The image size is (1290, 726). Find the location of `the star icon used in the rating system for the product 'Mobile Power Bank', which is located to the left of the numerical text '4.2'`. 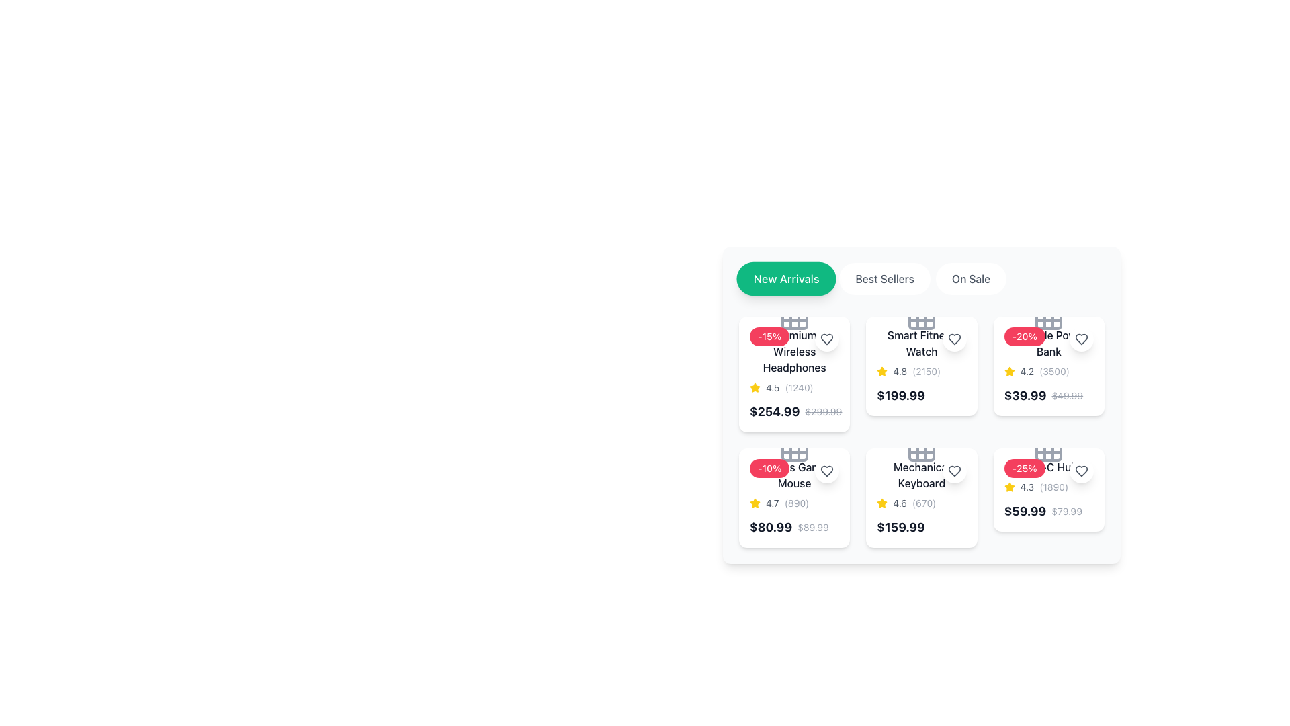

the star icon used in the rating system for the product 'Mobile Power Bank', which is located to the left of the numerical text '4.2' is located at coordinates (1009, 371).